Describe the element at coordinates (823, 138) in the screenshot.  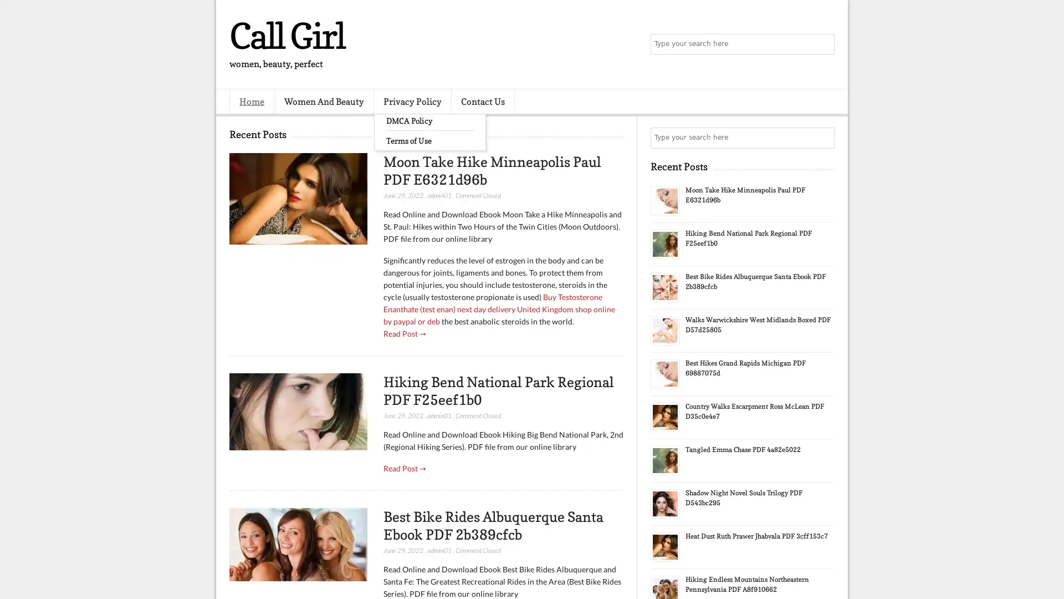
I see `Search` at that location.